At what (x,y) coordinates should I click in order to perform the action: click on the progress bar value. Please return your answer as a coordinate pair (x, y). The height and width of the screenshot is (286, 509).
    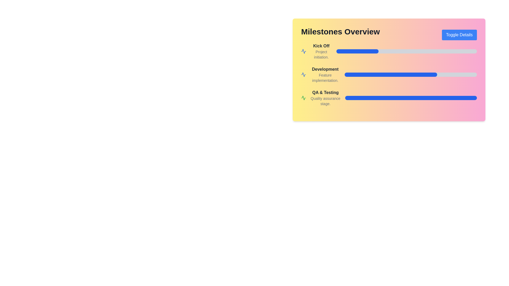
    Looking at the image, I should click on (396, 98).